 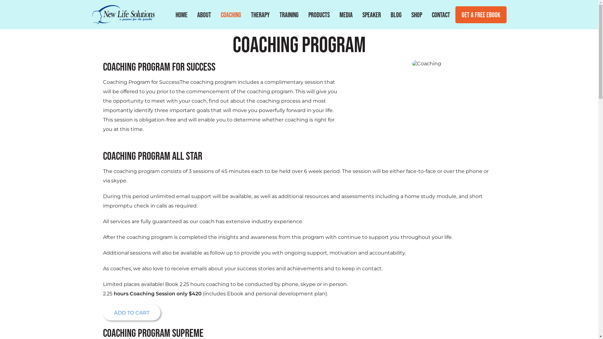 What do you see at coordinates (194, 14) in the screenshot?
I see `'ABOUT'` at bounding box center [194, 14].